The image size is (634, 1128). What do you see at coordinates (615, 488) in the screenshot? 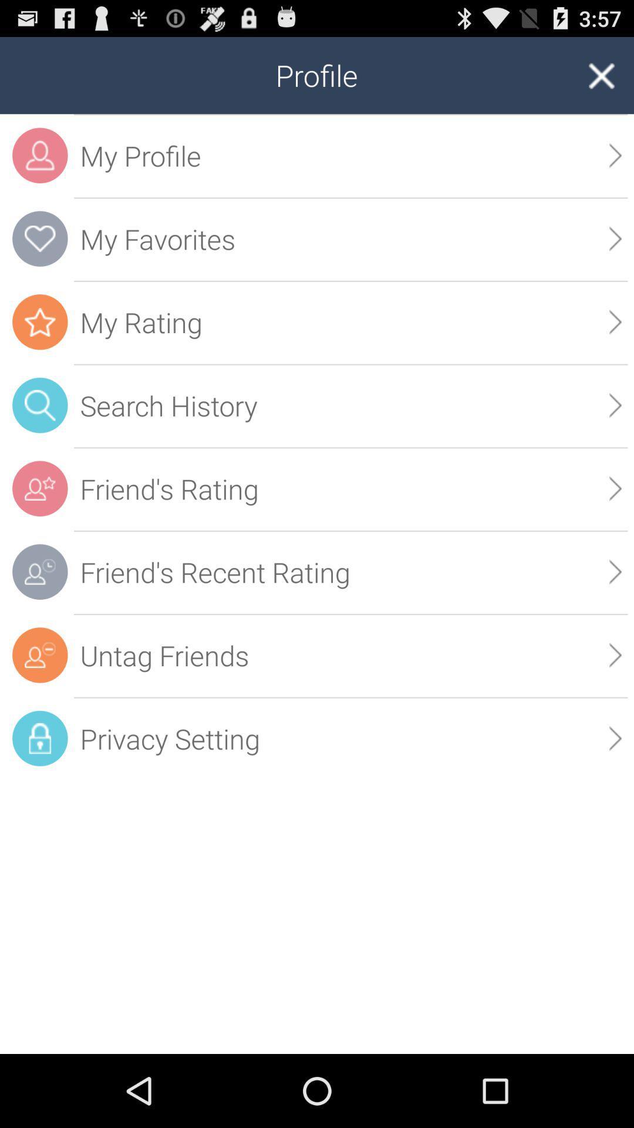
I see `item above friend s recent item` at bounding box center [615, 488].